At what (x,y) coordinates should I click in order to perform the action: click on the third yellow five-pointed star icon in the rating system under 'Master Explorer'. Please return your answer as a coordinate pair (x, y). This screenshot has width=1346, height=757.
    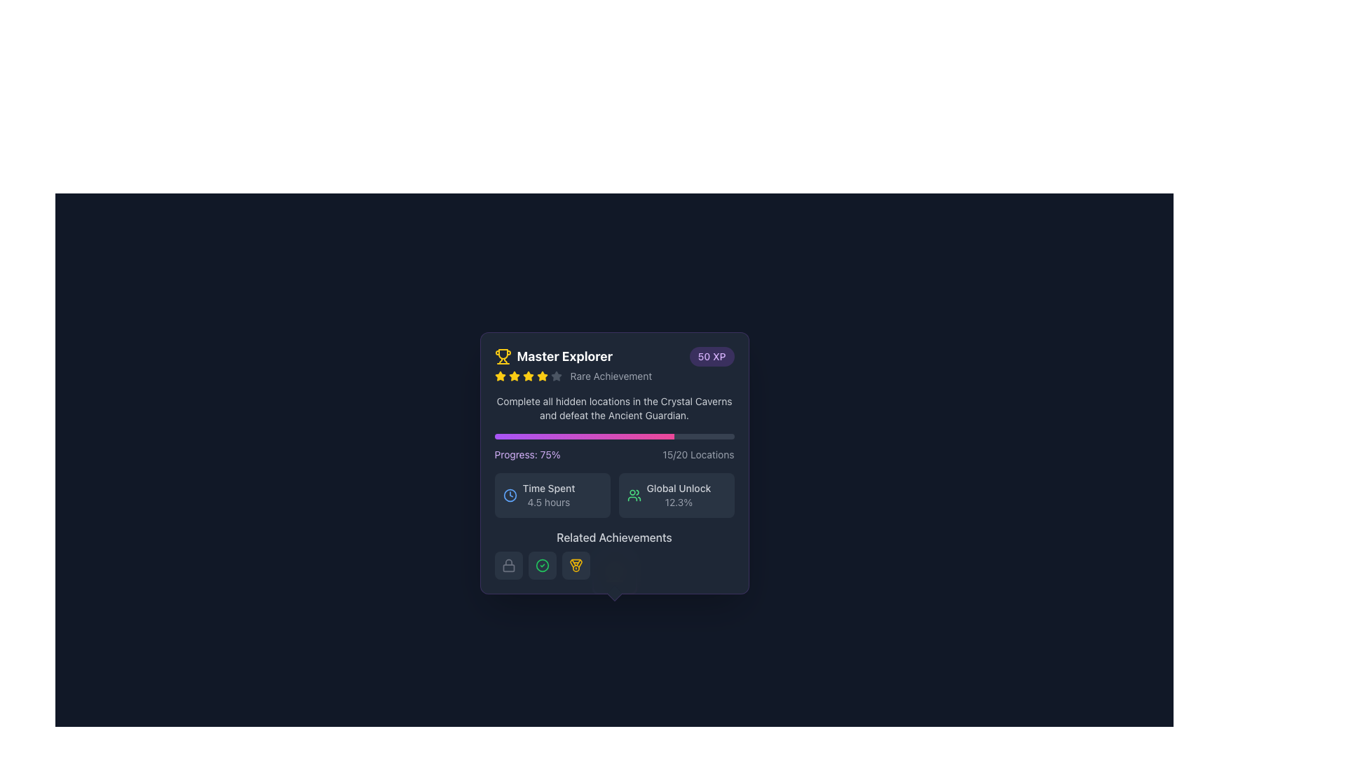
    Looking at the image, I should click on (513, 375).